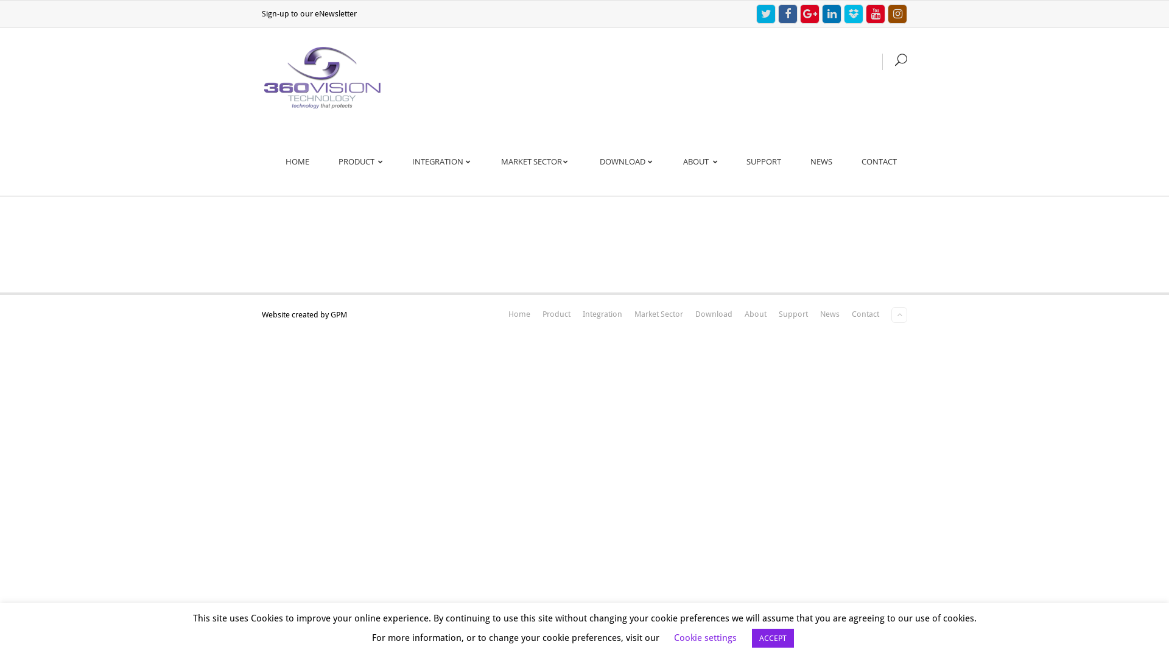 Image resolution: width=1169 pixels, height=658 pixels. I want to click on 'Website created by GPM', so click(304, 314).